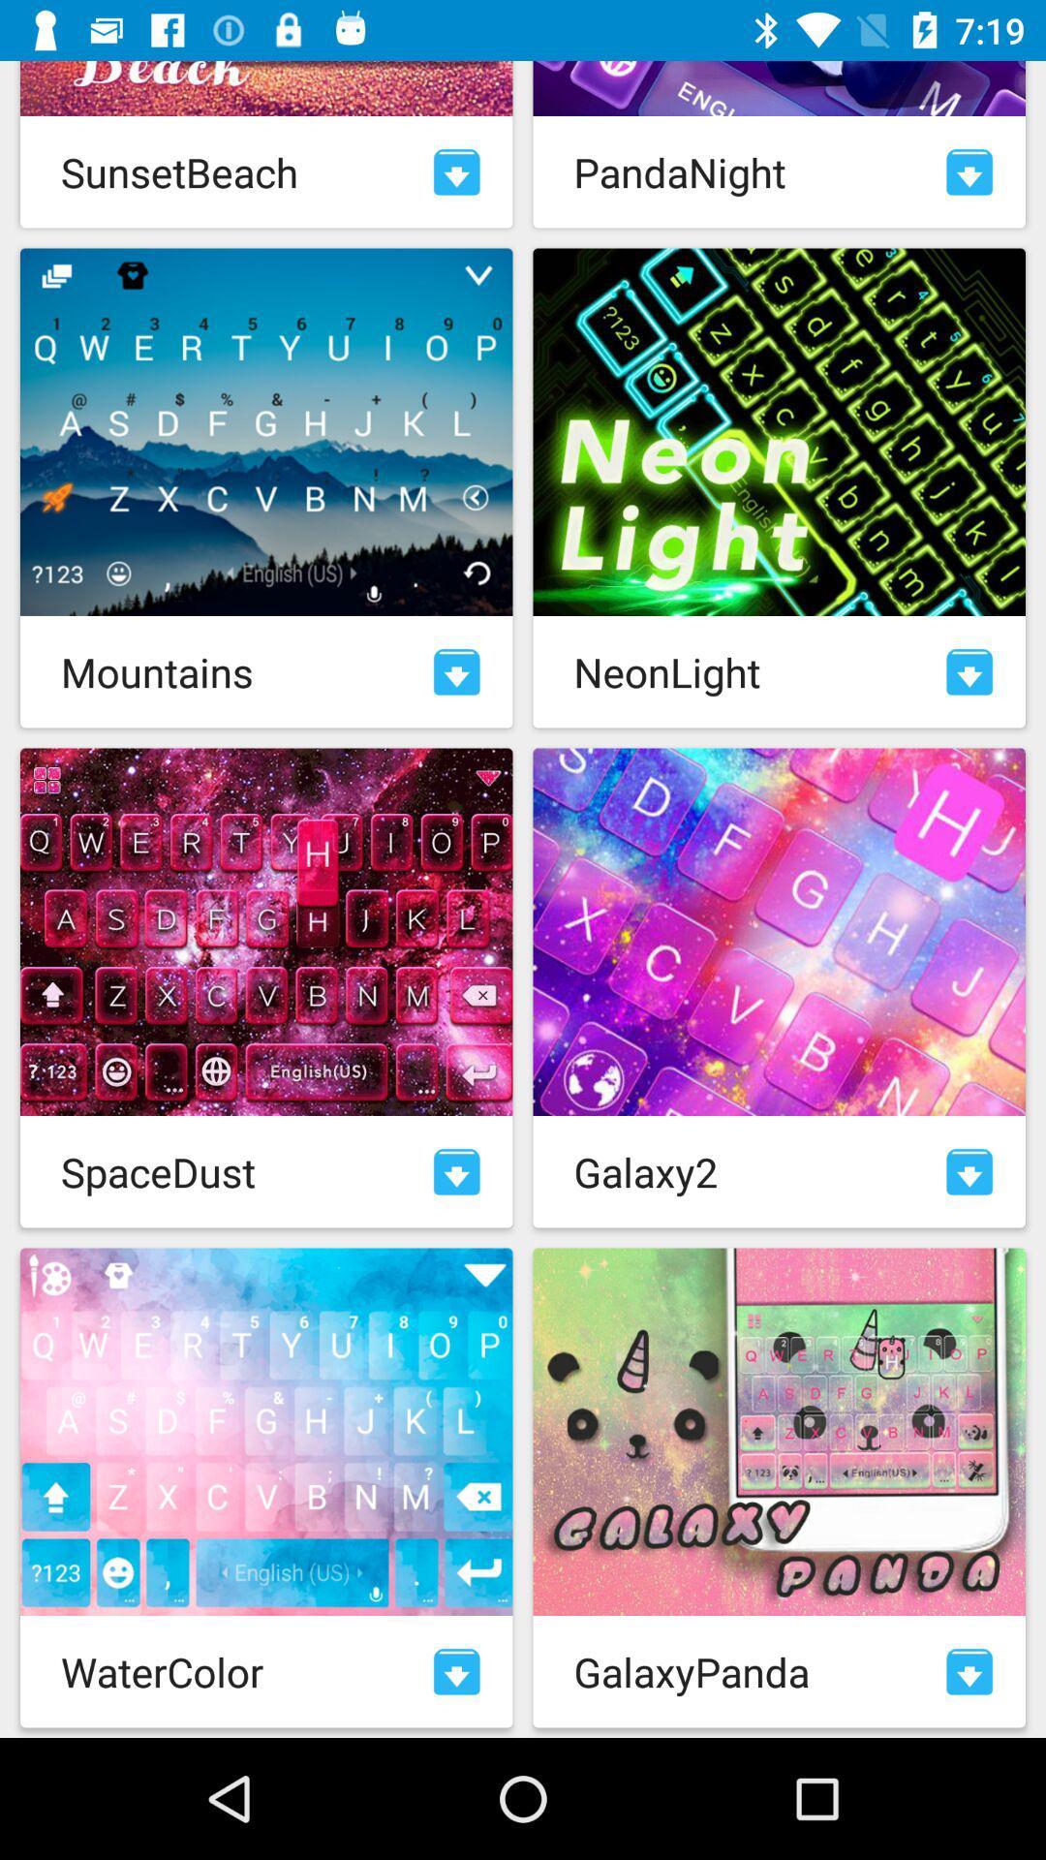 The width and height of the screenshot is (1046, 1860). I want to click on download watercolor theme, so click(456, 1670).